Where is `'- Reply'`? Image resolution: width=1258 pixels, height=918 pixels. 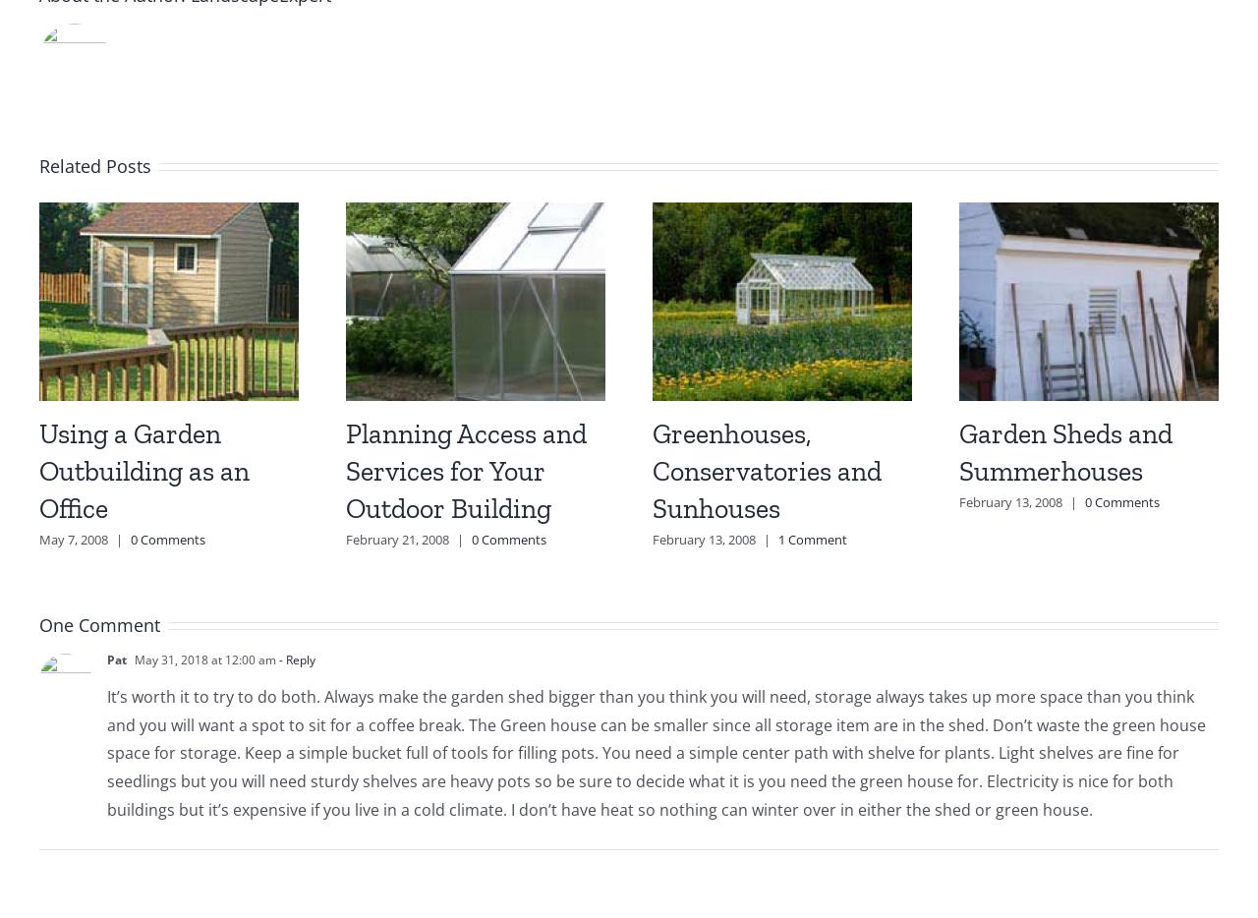
'- Reply' is located at coordinates (274, 658).